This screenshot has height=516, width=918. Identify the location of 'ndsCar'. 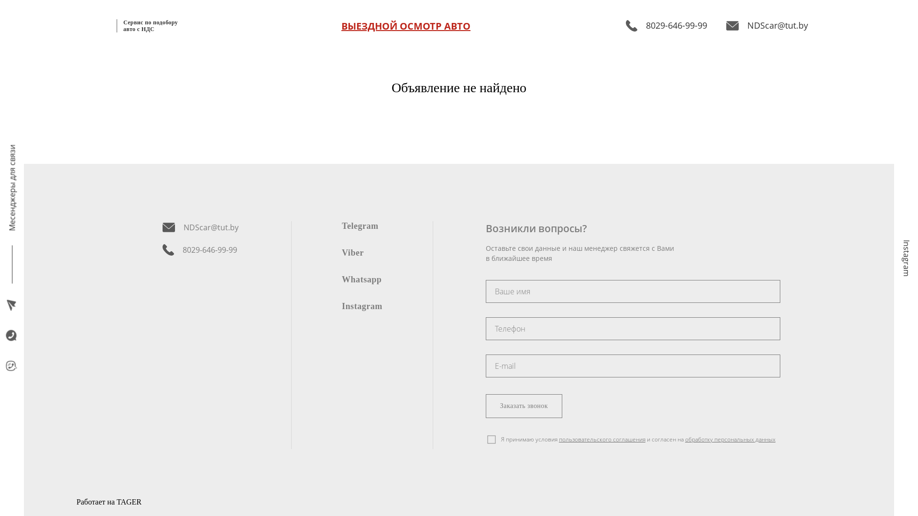
(633, 290).